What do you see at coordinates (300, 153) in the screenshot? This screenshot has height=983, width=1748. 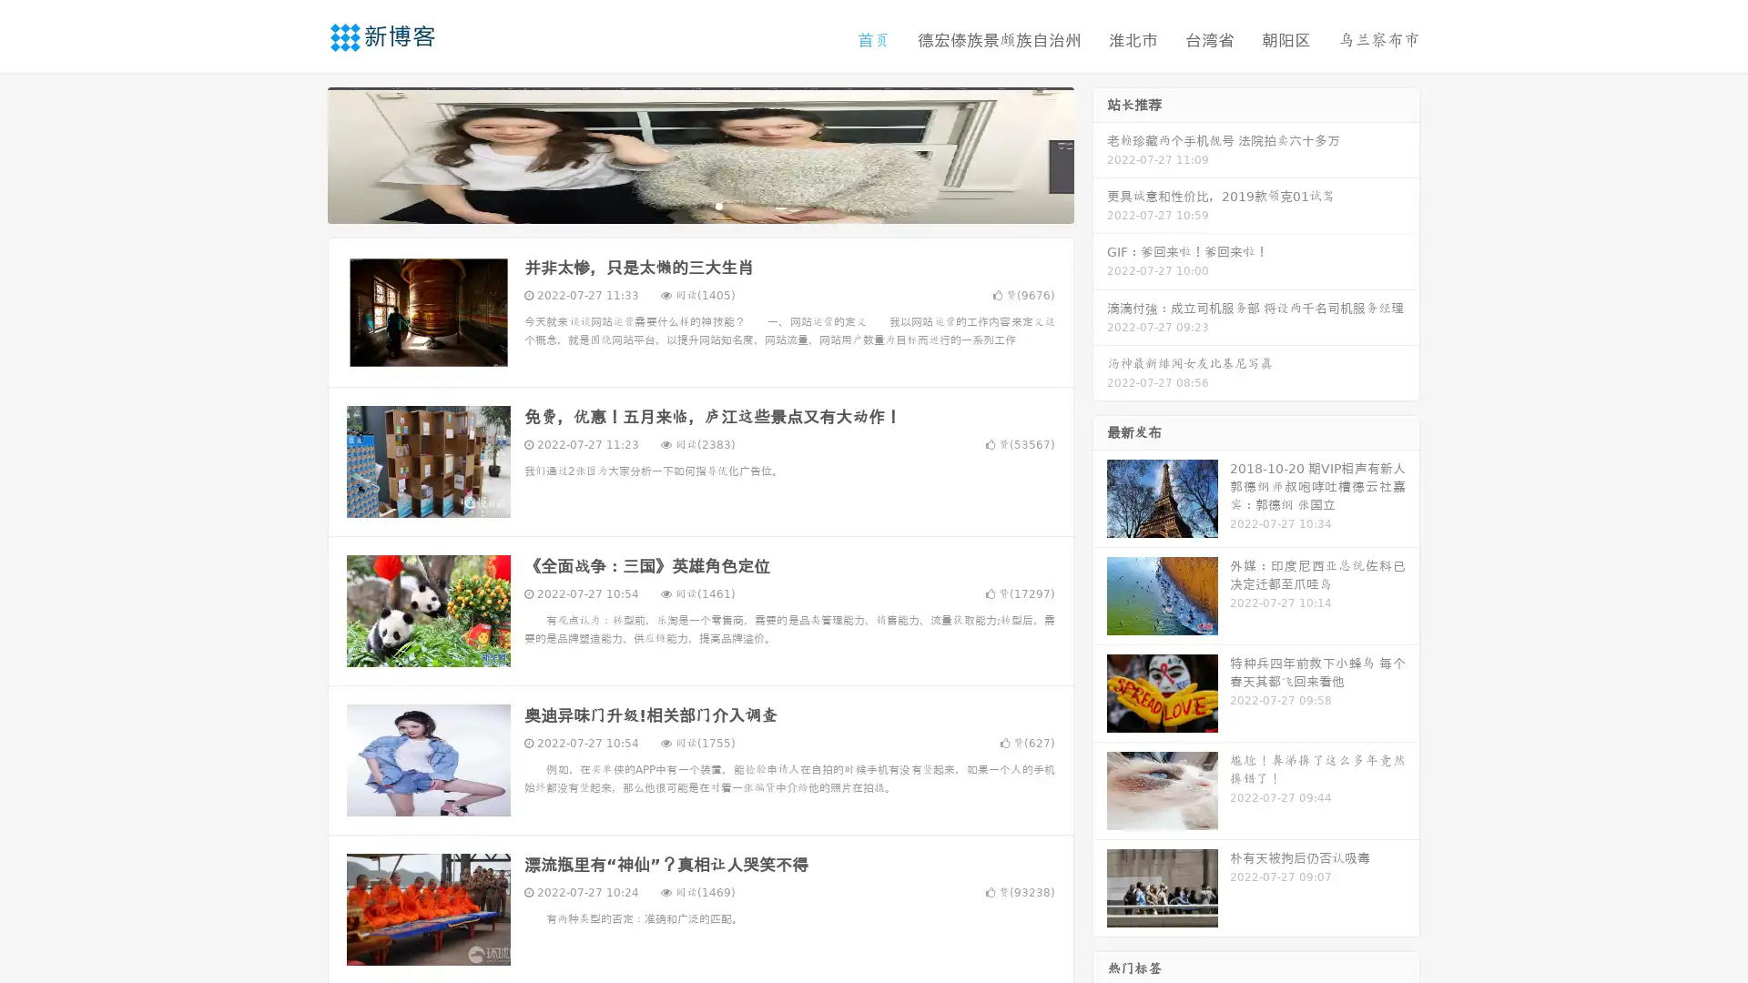 I see `Previous slide` at bounding box center [300, 153].